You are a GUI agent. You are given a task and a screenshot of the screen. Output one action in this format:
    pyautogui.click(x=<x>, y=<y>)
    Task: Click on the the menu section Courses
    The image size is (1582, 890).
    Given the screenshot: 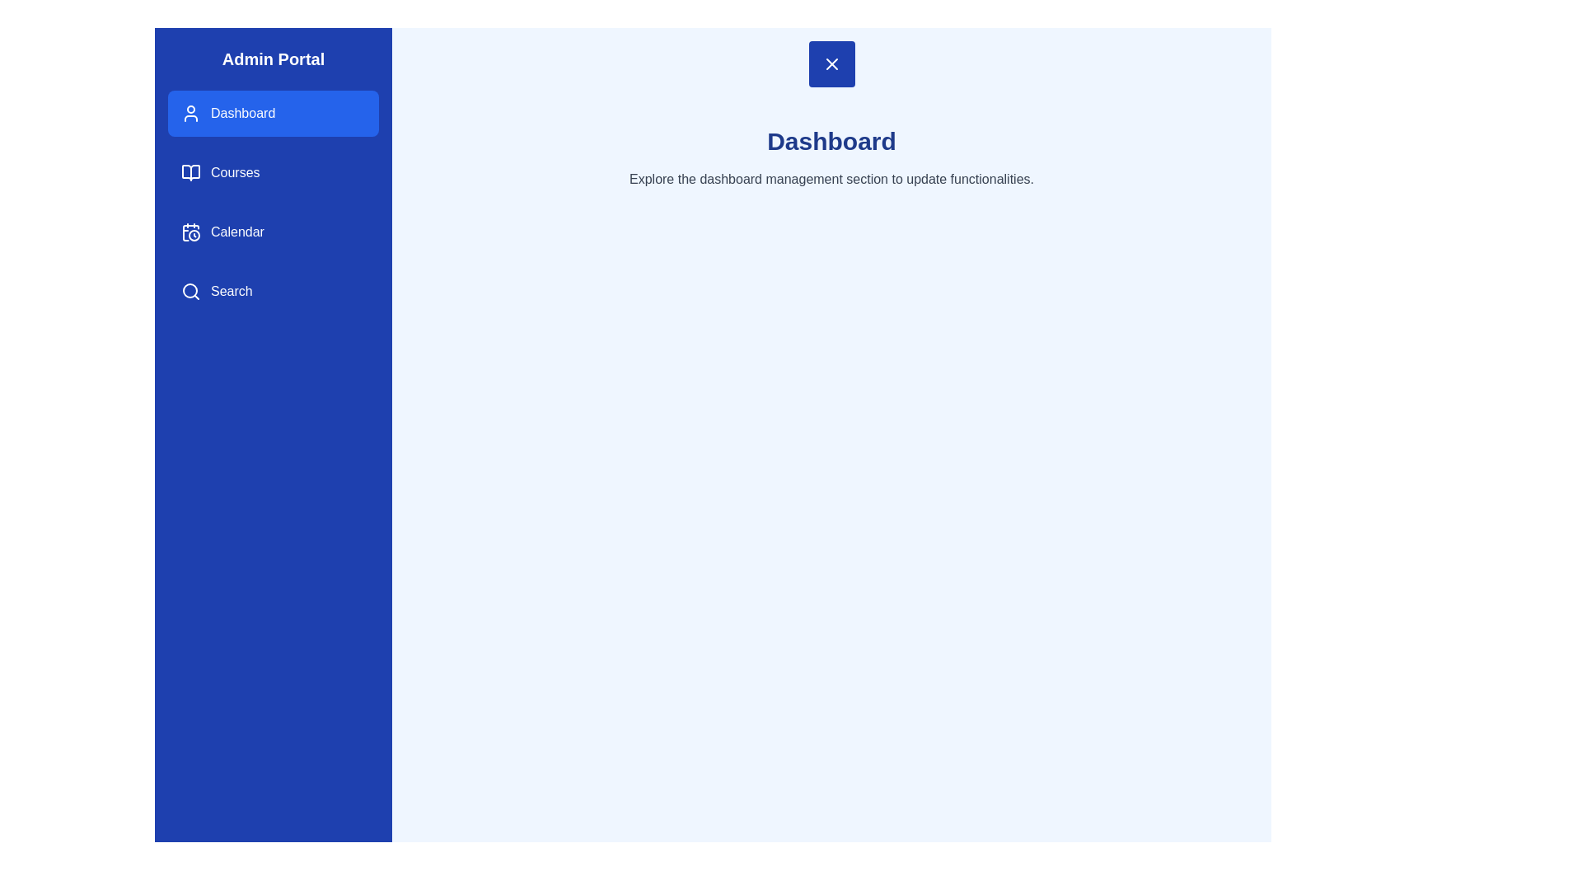 What is the action you would take?
    pyautogui.click(x=273, y=172)
    